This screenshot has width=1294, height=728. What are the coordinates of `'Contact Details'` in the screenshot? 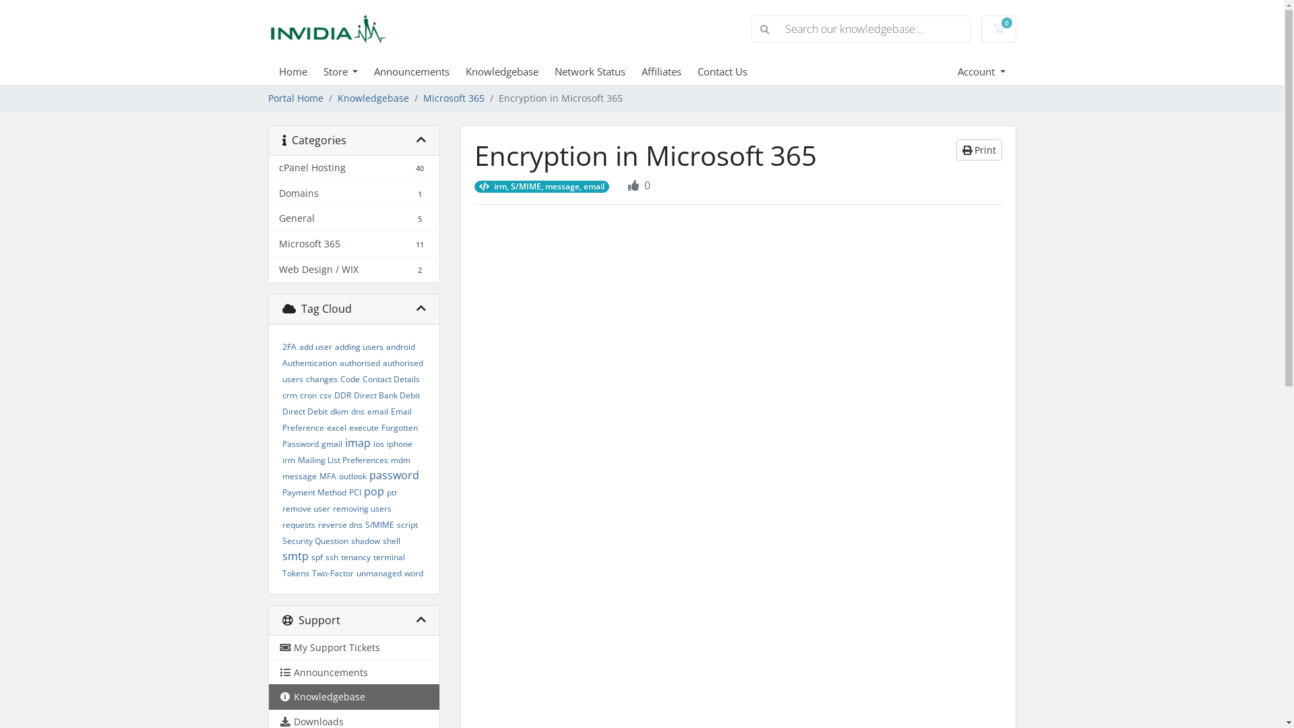 It's located at (390, 379).